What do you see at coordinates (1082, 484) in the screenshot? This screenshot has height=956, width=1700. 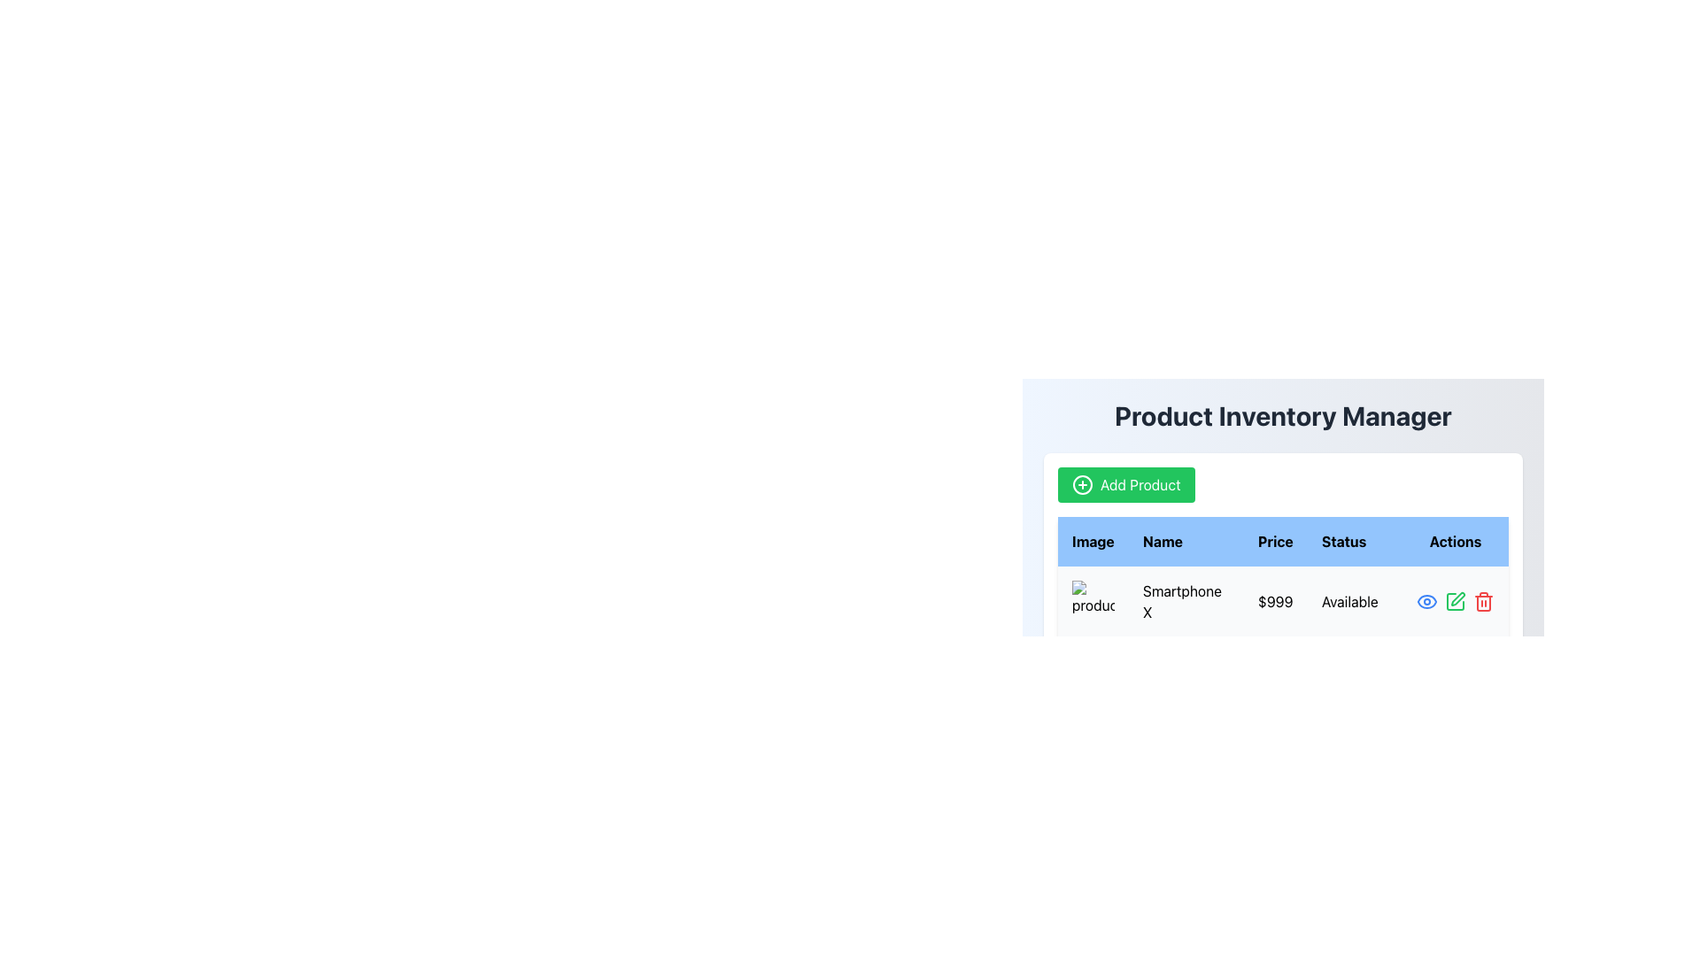 I see `the circular '+' icon with a white symbol on a solid green background, located` at bounding box center [1082, 484].